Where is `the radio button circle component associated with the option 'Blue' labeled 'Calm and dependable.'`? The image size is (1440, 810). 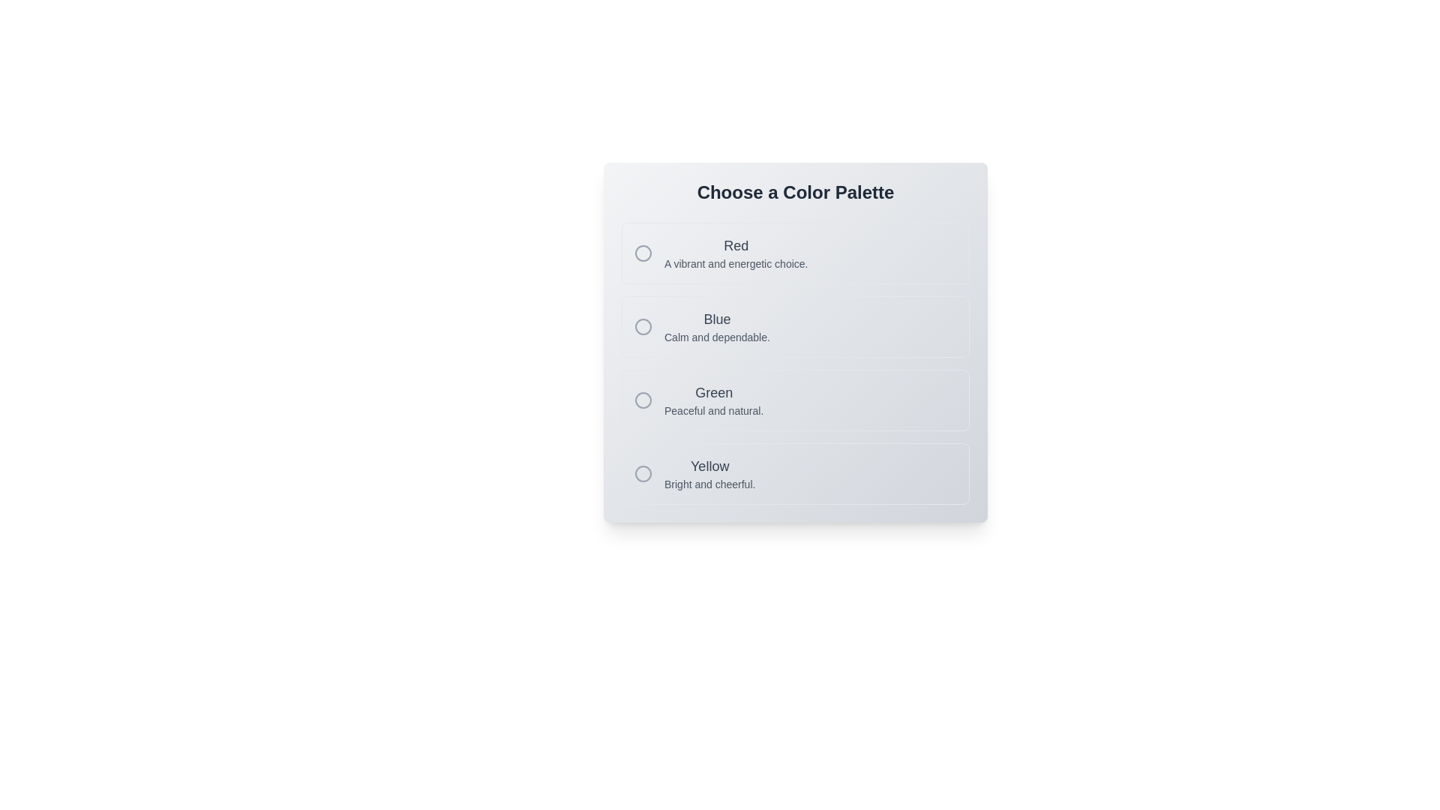
the radio button circle component associated with the option 'Blue' labeled 'Calm and dependable.' is located at coordinates (643, 325).